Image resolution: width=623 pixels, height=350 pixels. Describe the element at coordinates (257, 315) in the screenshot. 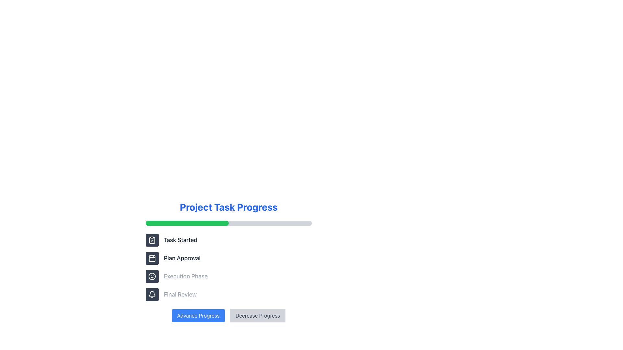

I see `the 'Decrease Progress' button, which is a rectangular button with a light gray background and dark gray text` at that location.